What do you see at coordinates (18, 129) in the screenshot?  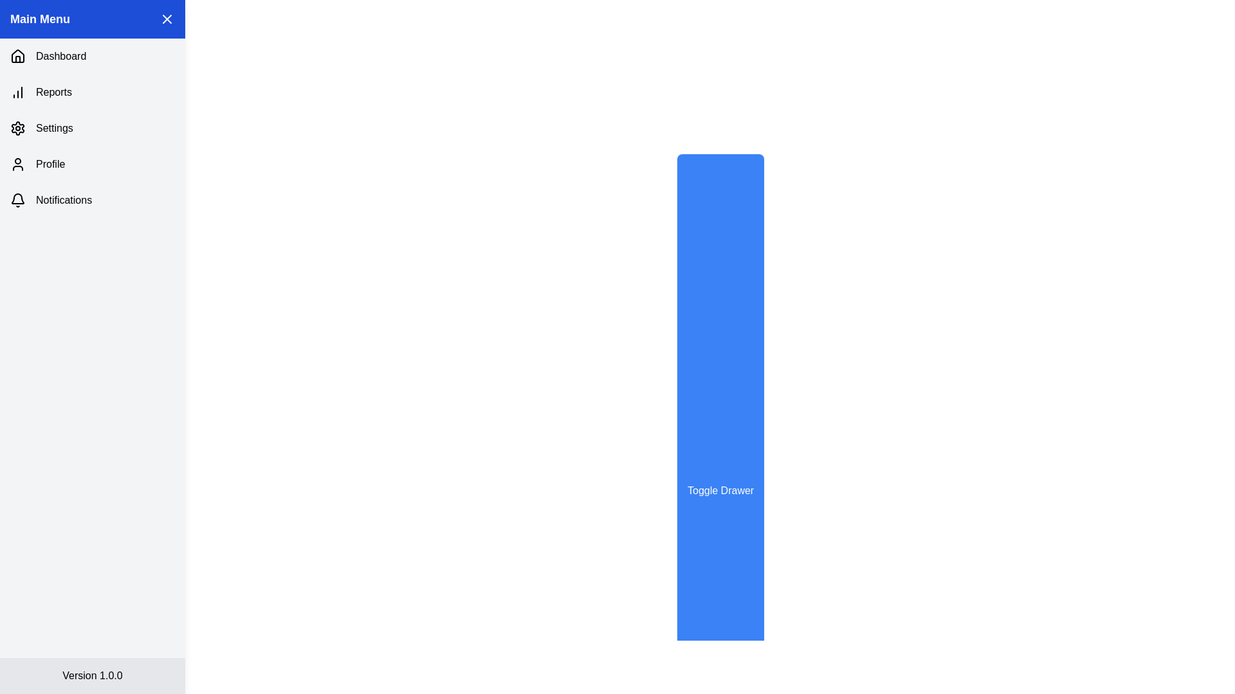 I see `the settings navigation icon located` at bounding box center [18, 129].